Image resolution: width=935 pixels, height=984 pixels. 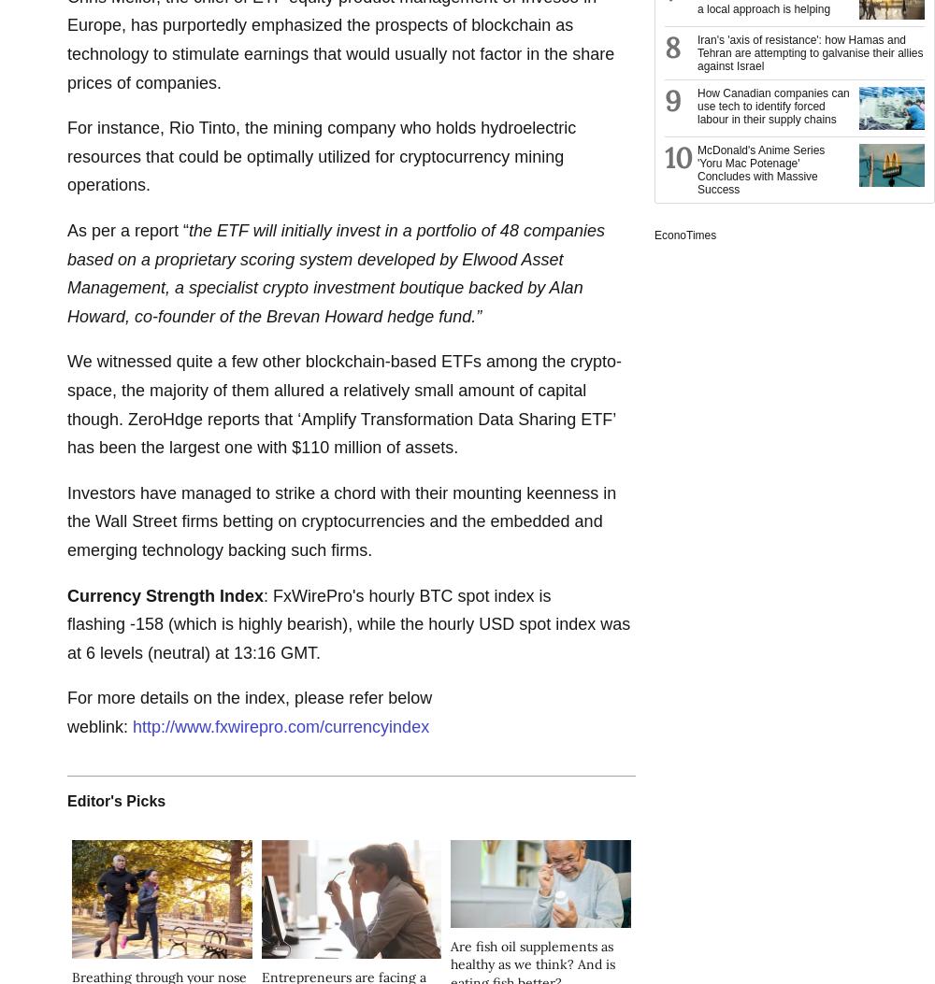 What do you see at coordinates (335, 273) in the screenshot?
I see `'the ETF will initially invest in a portfolio of 48 companies based on a proprietary scoring system developed by Elwood Asset Management, a specialist crypto investment boutique backed by Alan Howard, co-founder of the Brevan Howard hedge fund.”'` at bounding box center [335, 273].